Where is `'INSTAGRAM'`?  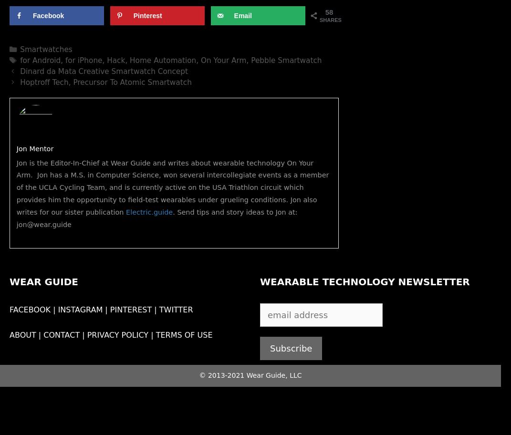
'INSTAGRAM' is located at coordinates (80, 309).